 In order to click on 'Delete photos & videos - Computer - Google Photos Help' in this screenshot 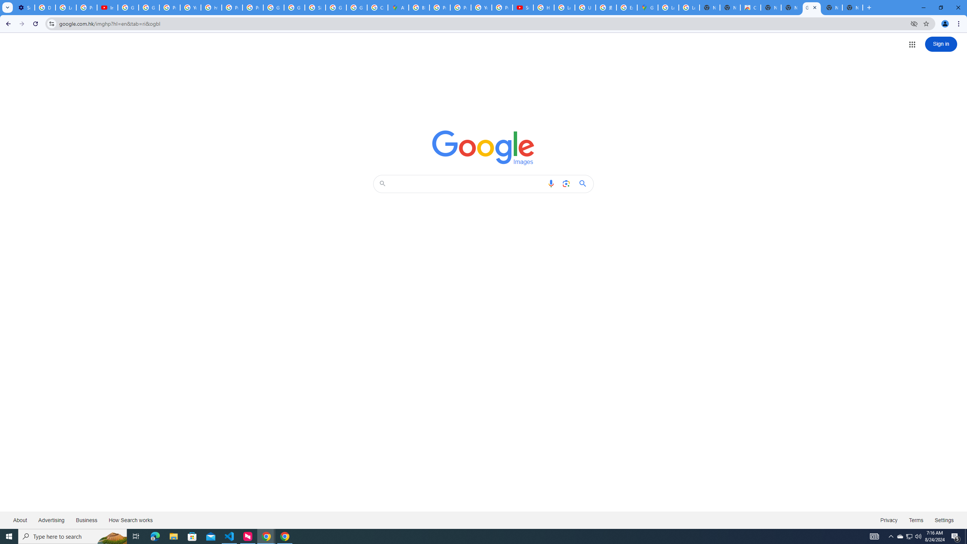, I will do `click(45, 7)`.